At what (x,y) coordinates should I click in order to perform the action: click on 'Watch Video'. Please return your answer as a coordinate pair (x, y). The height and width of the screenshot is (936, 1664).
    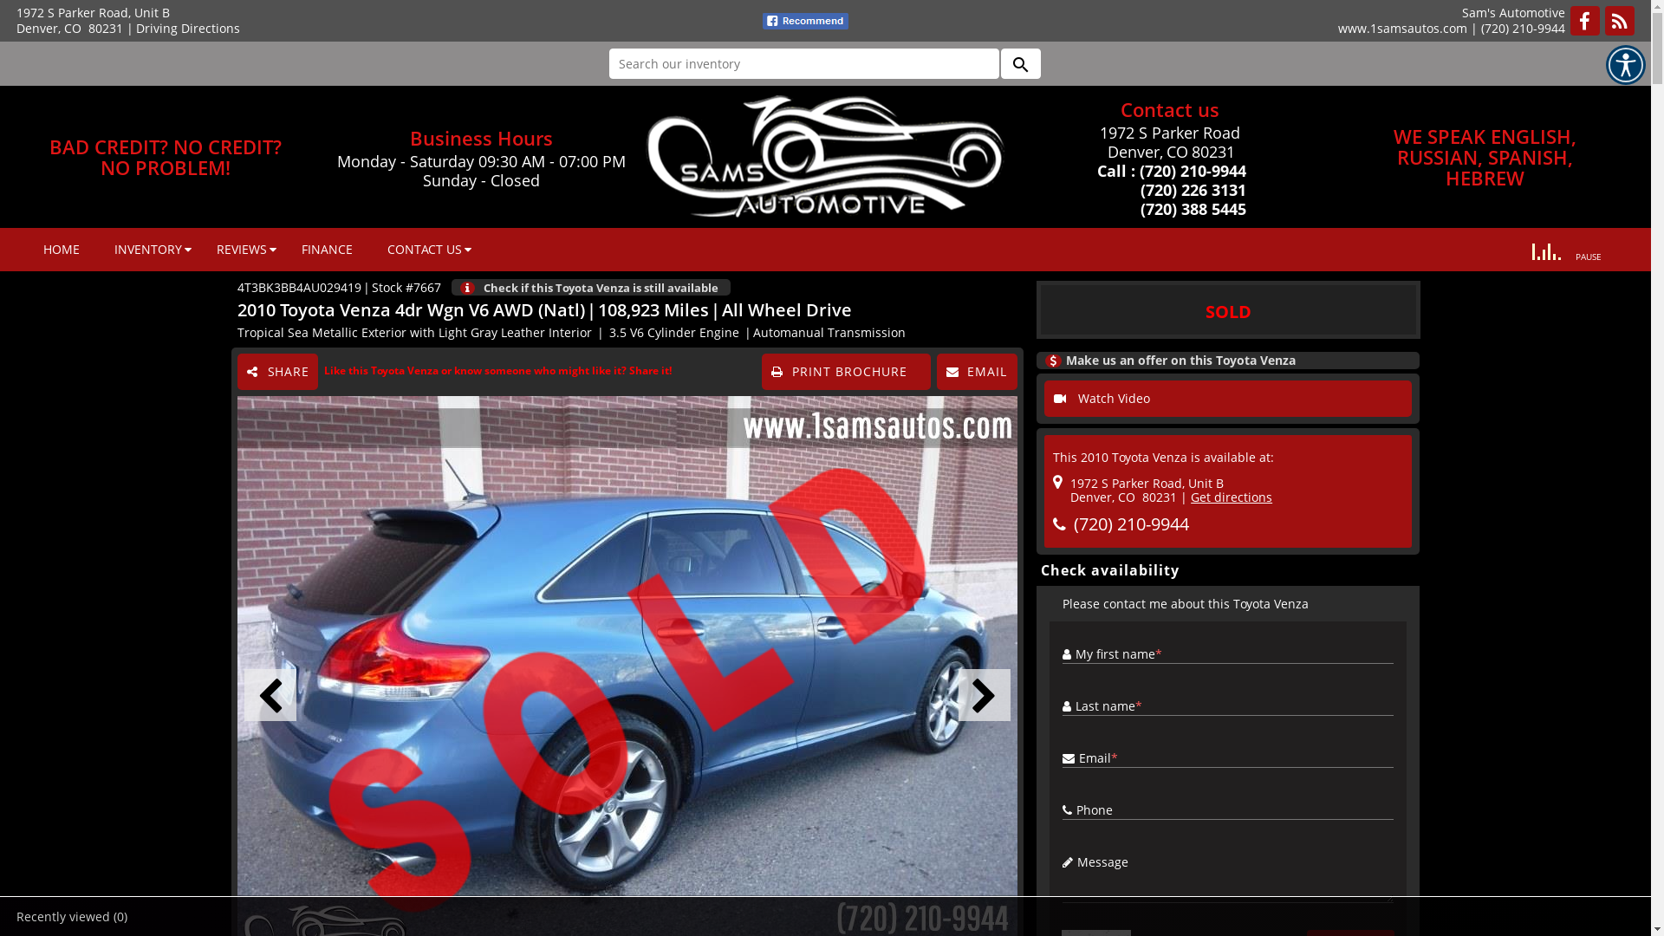
    Looking at the image, I should click on (1226, 398).